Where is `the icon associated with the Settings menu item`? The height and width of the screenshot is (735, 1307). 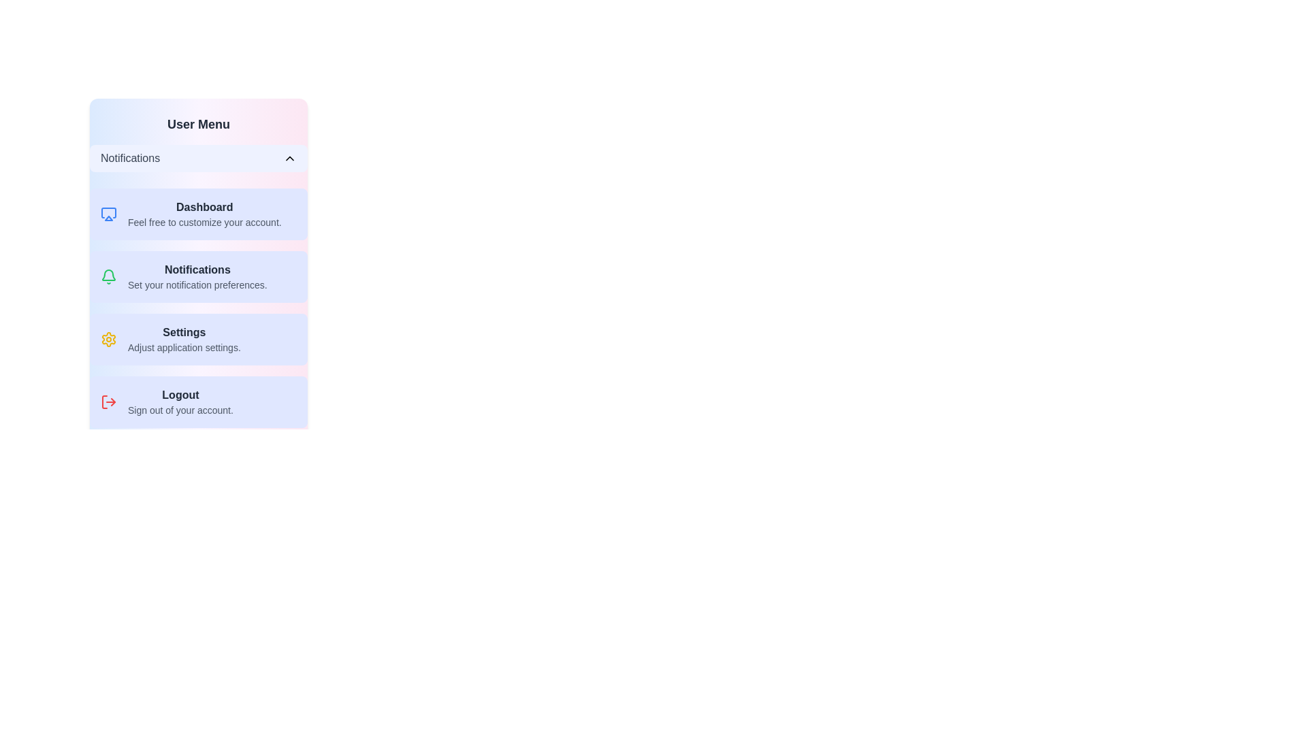 the icon associated with the Settings menu item is located at coordinates (108, 338).